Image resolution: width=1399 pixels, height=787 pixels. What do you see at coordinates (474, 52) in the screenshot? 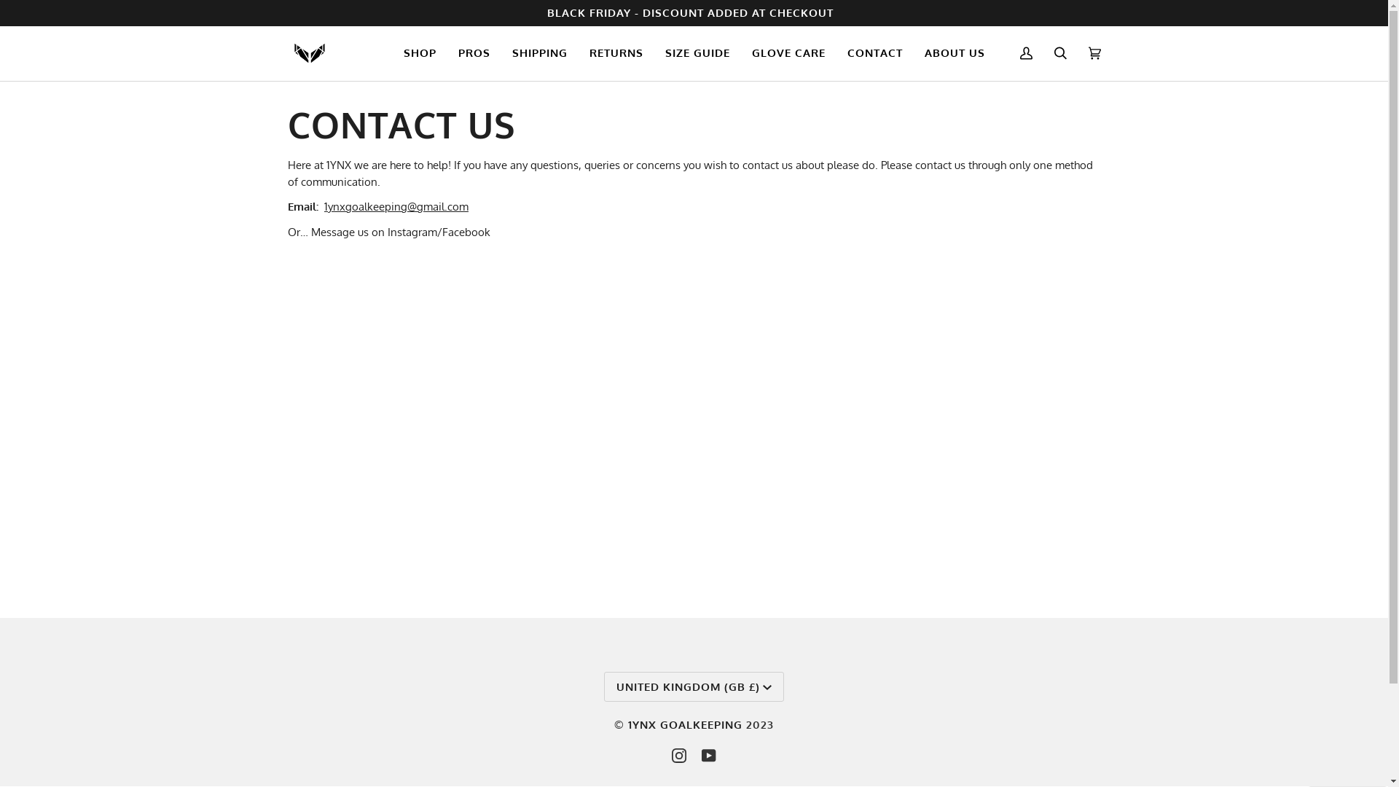
I see `'PROS'` at bounding box center [474, 52].